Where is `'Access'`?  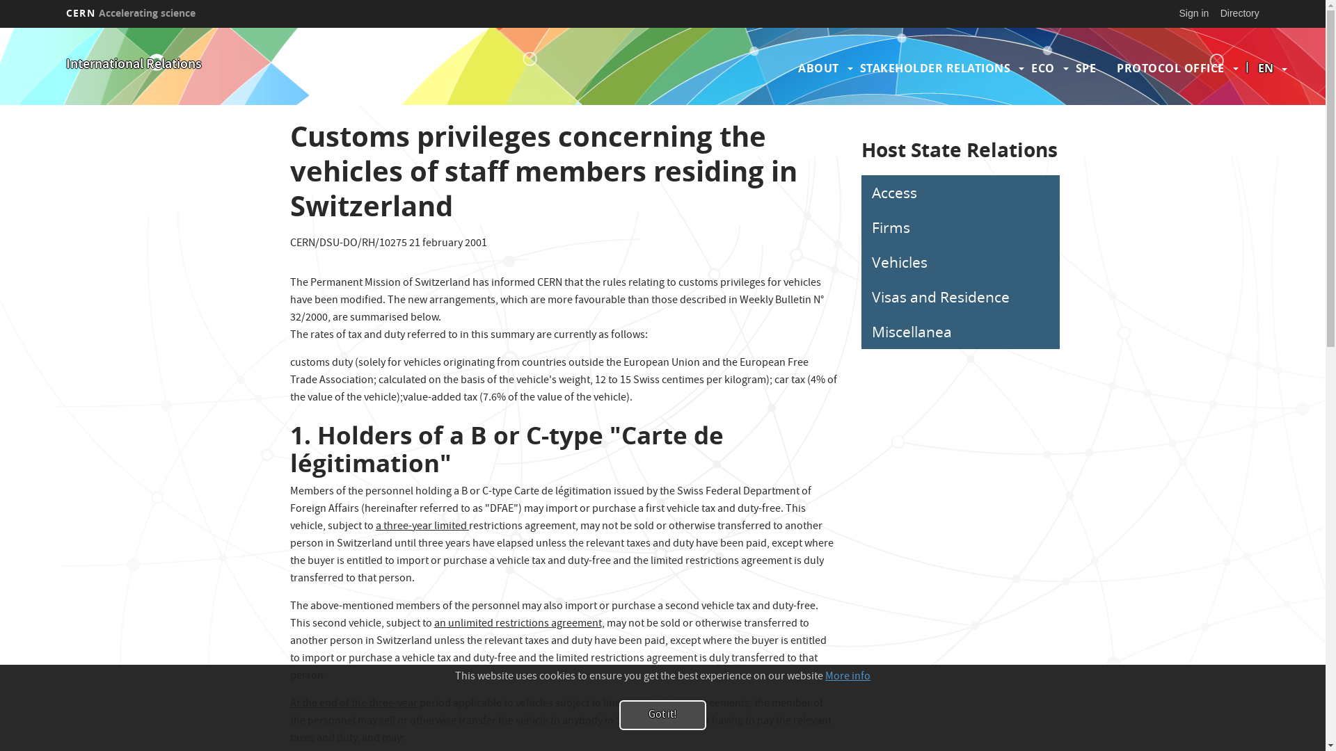 'Access' is located at coordinates (960, 193).